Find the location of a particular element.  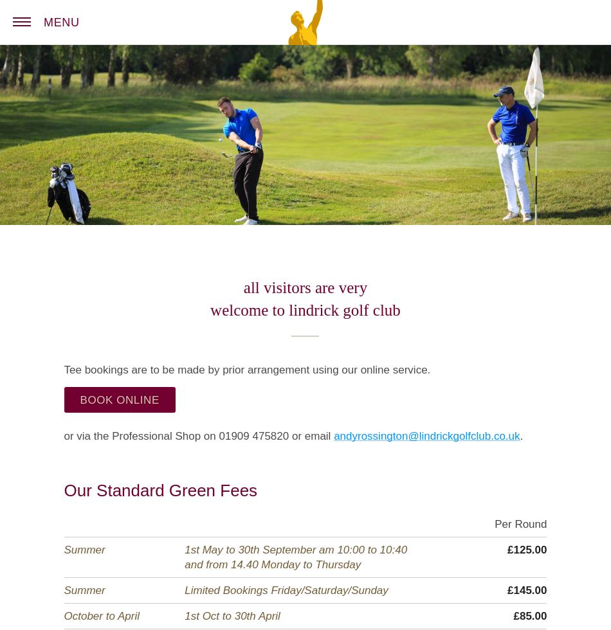

'welcome to lindrick golf club' is located at coordinates (304, 310).